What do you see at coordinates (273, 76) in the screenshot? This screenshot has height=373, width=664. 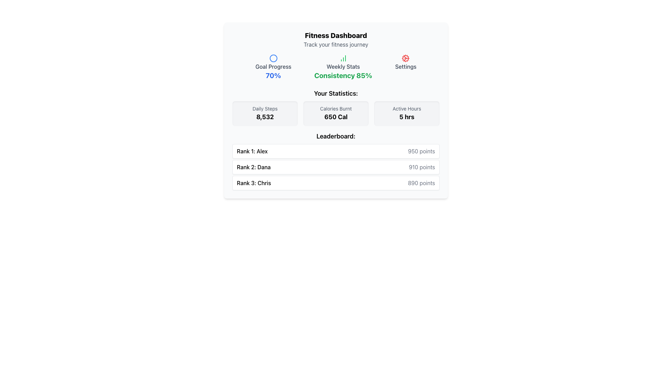 I see `the Static Text displaying the progress percentage, located under the 'Goal Progress' label and above the main dashboard area` at bounding box center [273, 76].